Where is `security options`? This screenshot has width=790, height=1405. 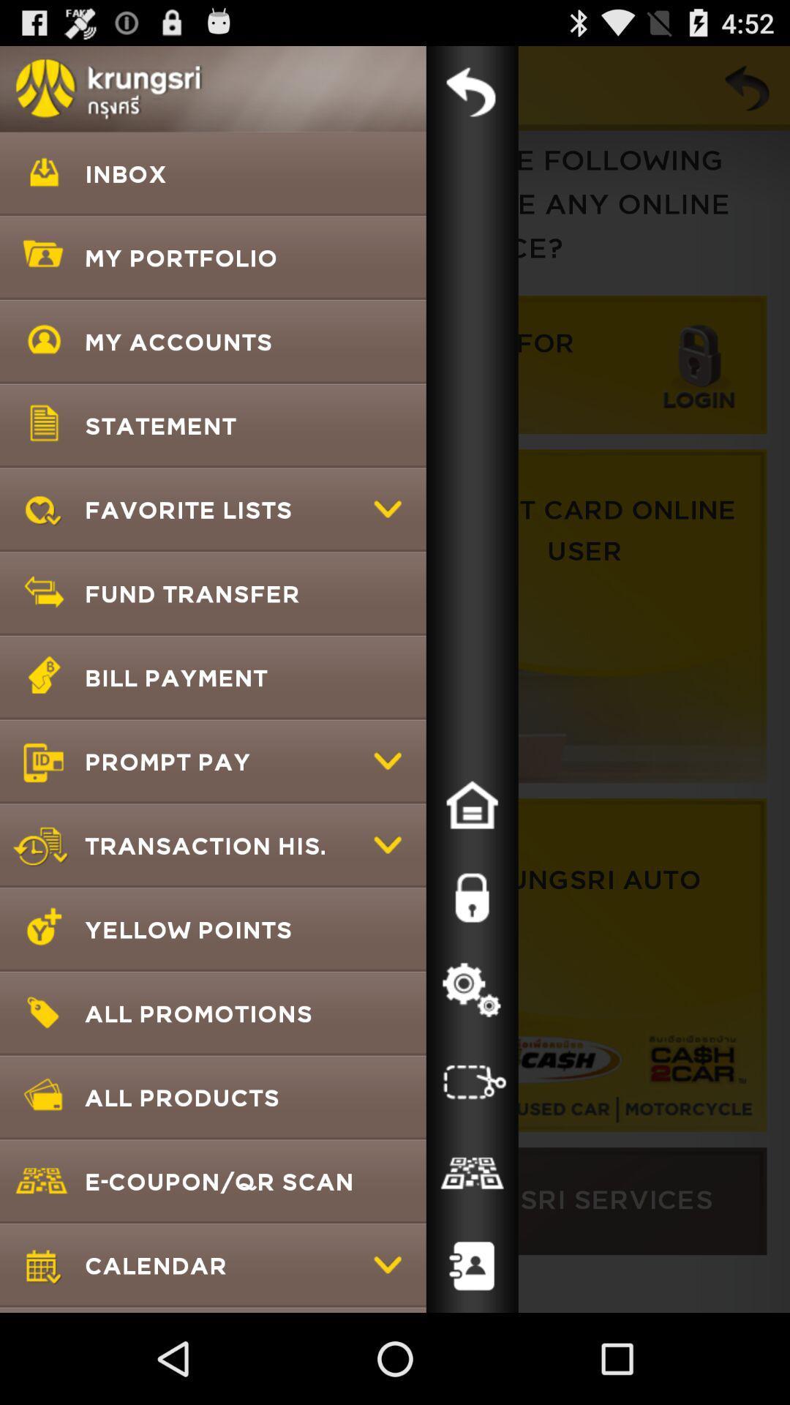
security options is located at coordinates (472, 897).